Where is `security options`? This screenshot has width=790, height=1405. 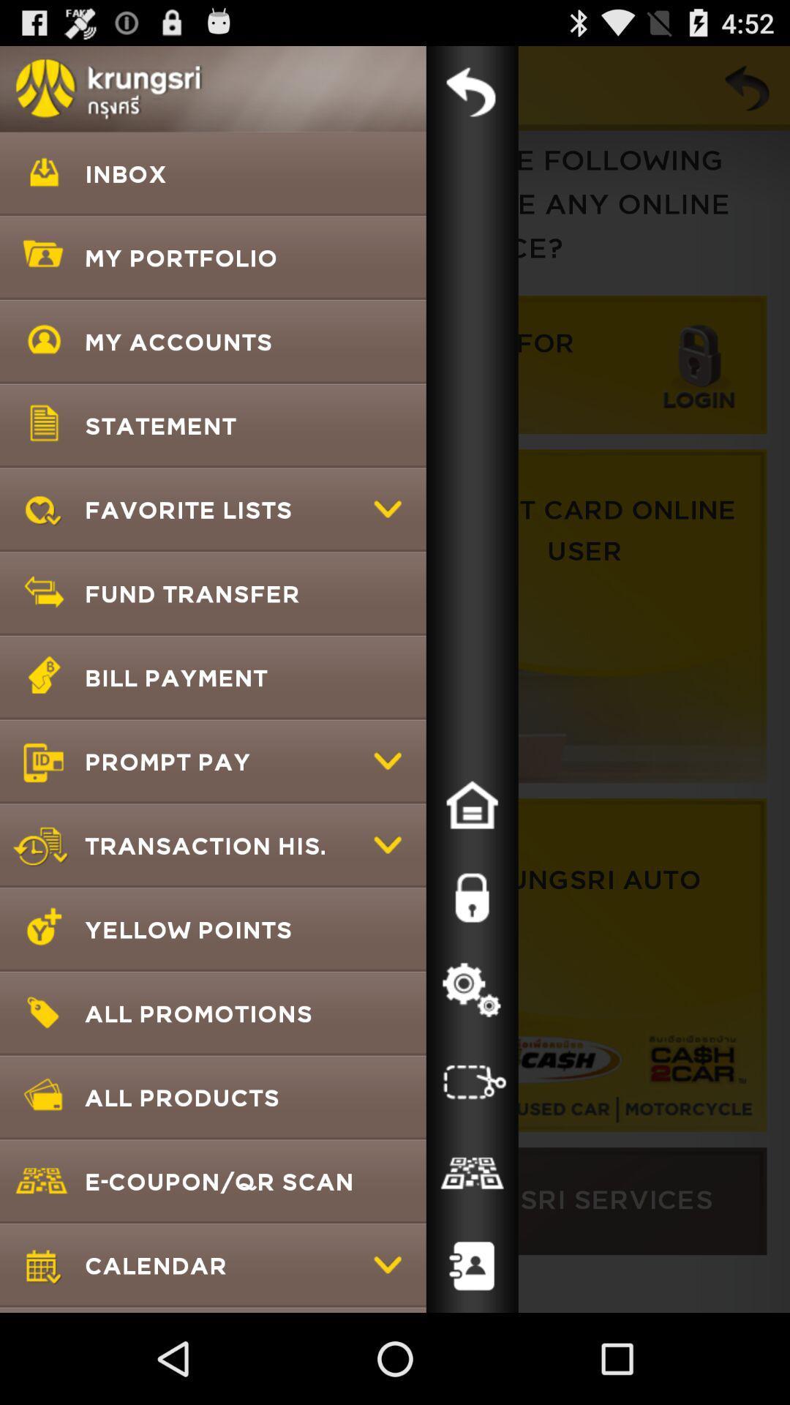
security options is located at coordinates (472, 897).